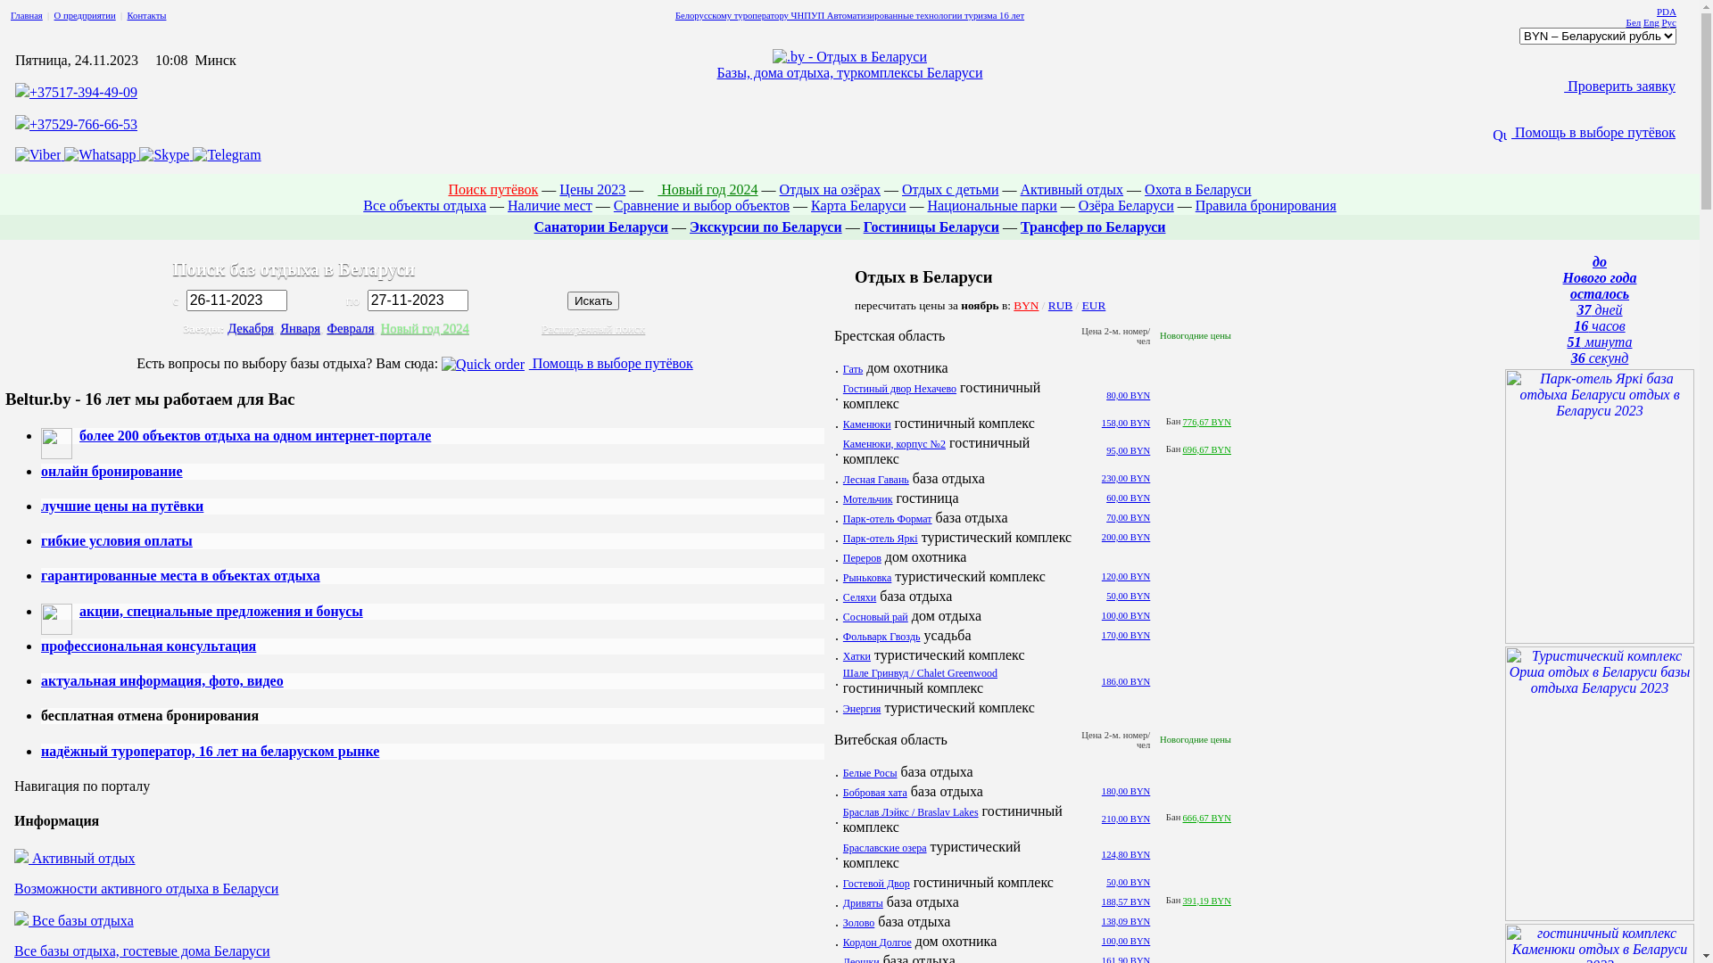 The width and height of the screenshot is (1713, 963). What do you see at coordinates (1207, 901) in the screenshot?
I see `'391,19 BYN'` at bounding box center [1207, 901].